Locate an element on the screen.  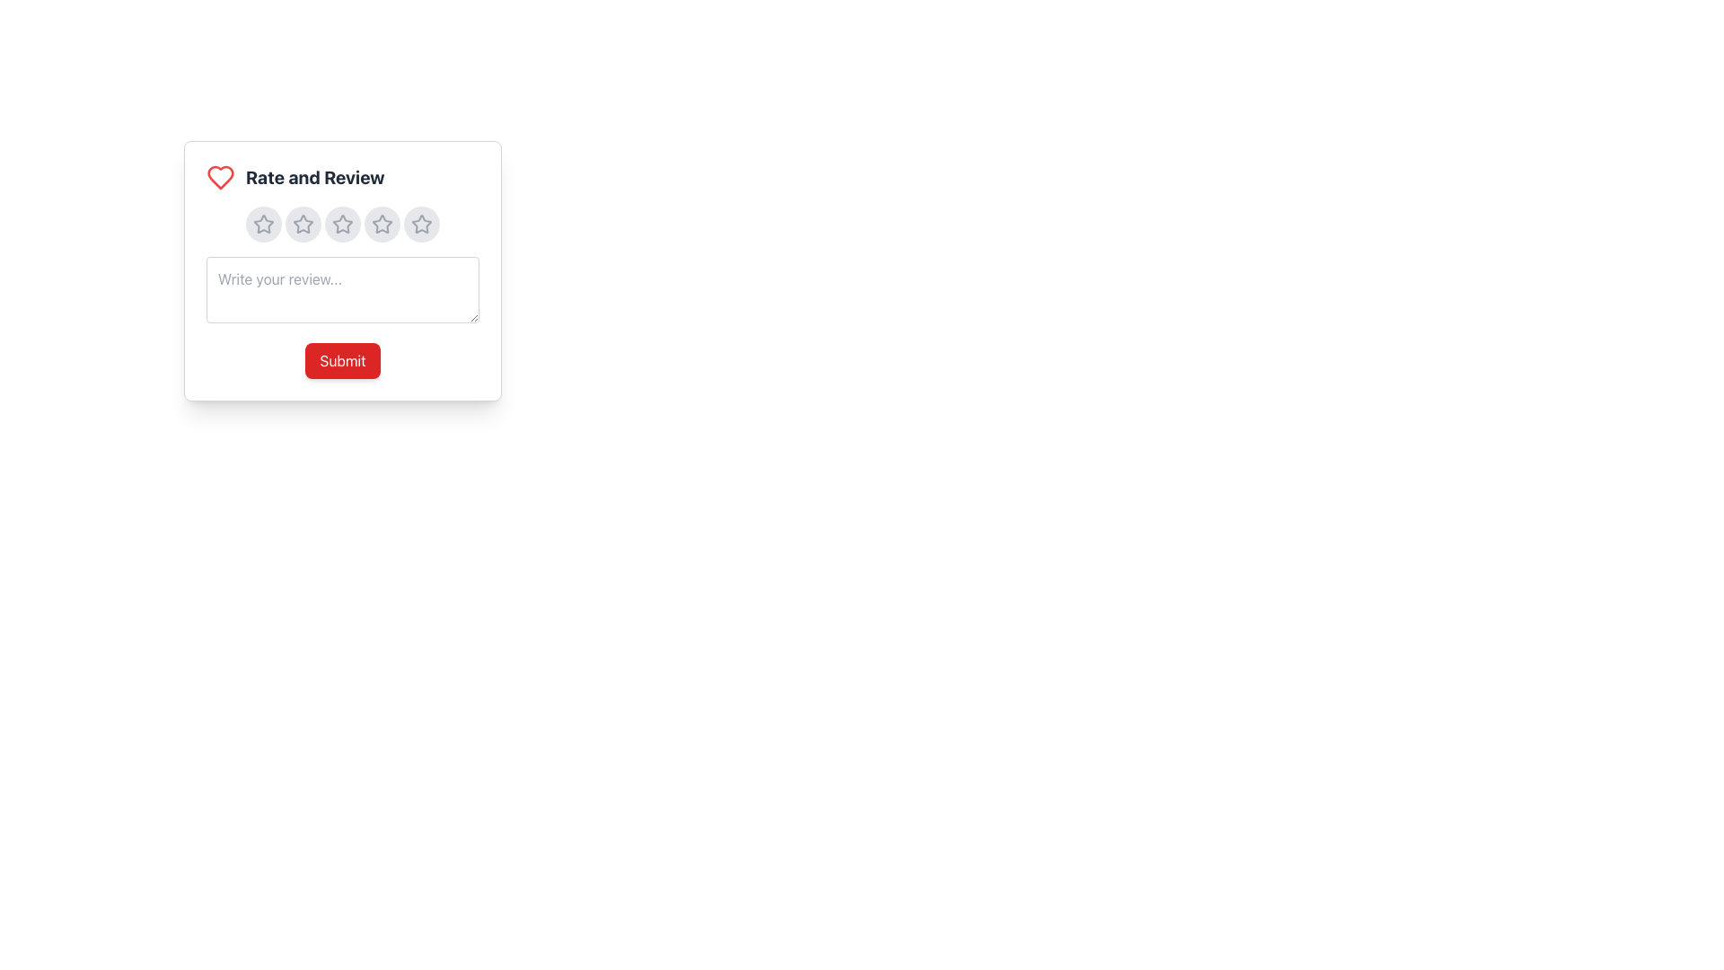
the fourth star icon in the rating section to rate it as 4 stars is located at coordinates (382, 223).